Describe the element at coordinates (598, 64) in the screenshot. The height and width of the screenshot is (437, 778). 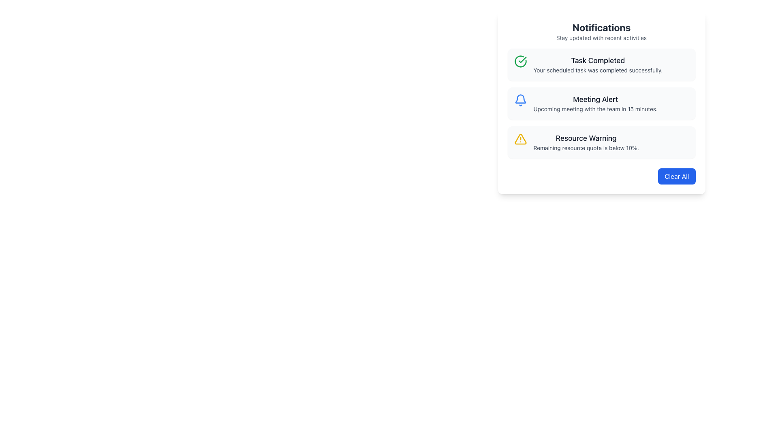
I see `the notification banner that indicates the successful completion of a scheduled task, located beneath a green circular icon with a checkmark in the first notification card` at that location.